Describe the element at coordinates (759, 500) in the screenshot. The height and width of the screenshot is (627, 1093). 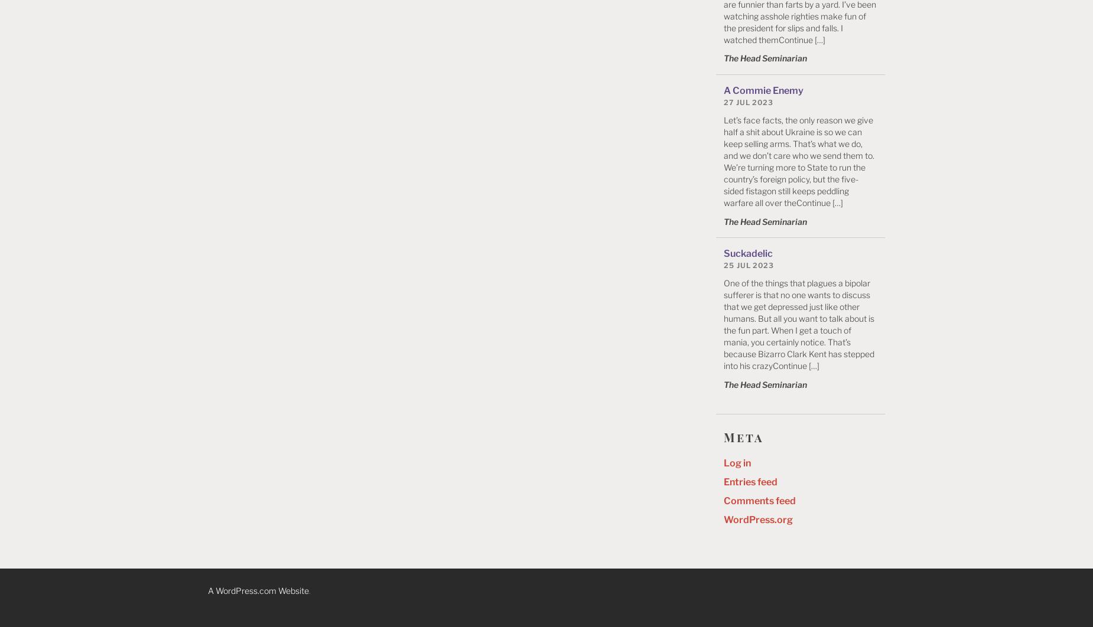
I see `'Comments feed'` at that location.